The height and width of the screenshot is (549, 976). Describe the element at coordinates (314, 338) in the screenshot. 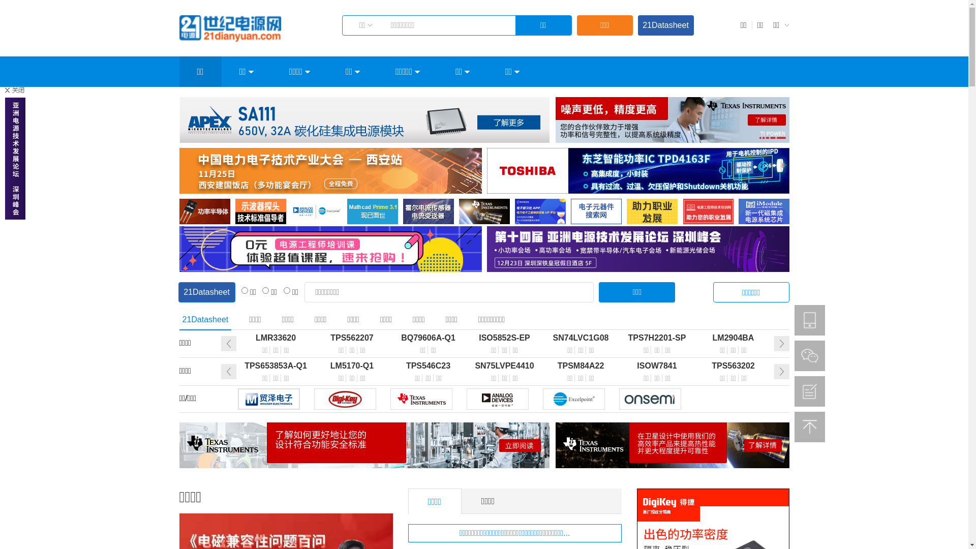

I see `'TPS562207'` at that location.